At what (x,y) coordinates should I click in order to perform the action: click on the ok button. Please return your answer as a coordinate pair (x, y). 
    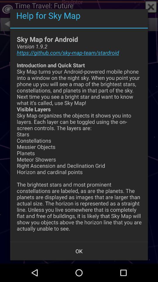
    Looking at the image, I should click on (79, 251).